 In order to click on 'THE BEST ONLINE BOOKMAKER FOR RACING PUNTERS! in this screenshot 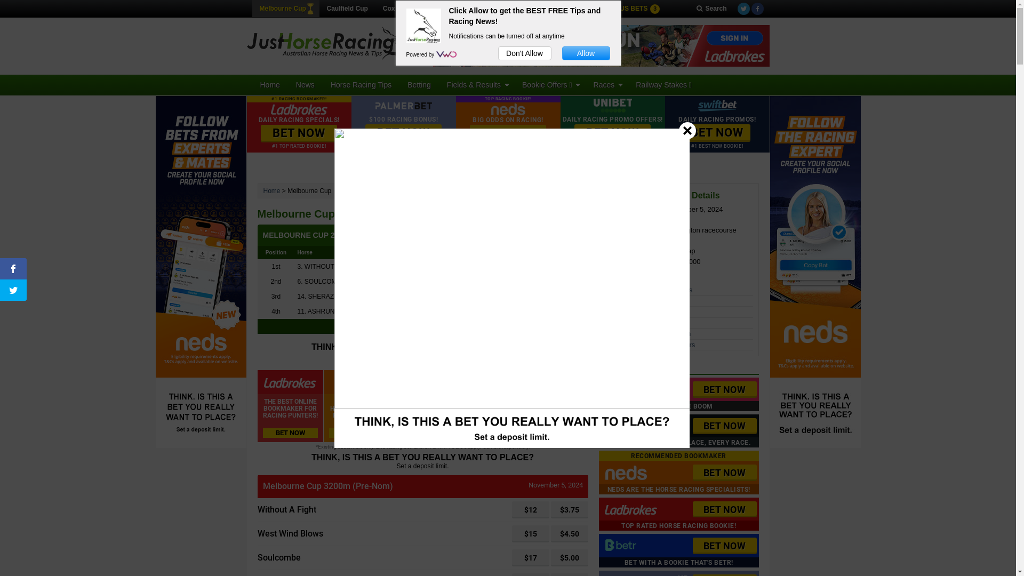, I will do `click(290, 406)`.